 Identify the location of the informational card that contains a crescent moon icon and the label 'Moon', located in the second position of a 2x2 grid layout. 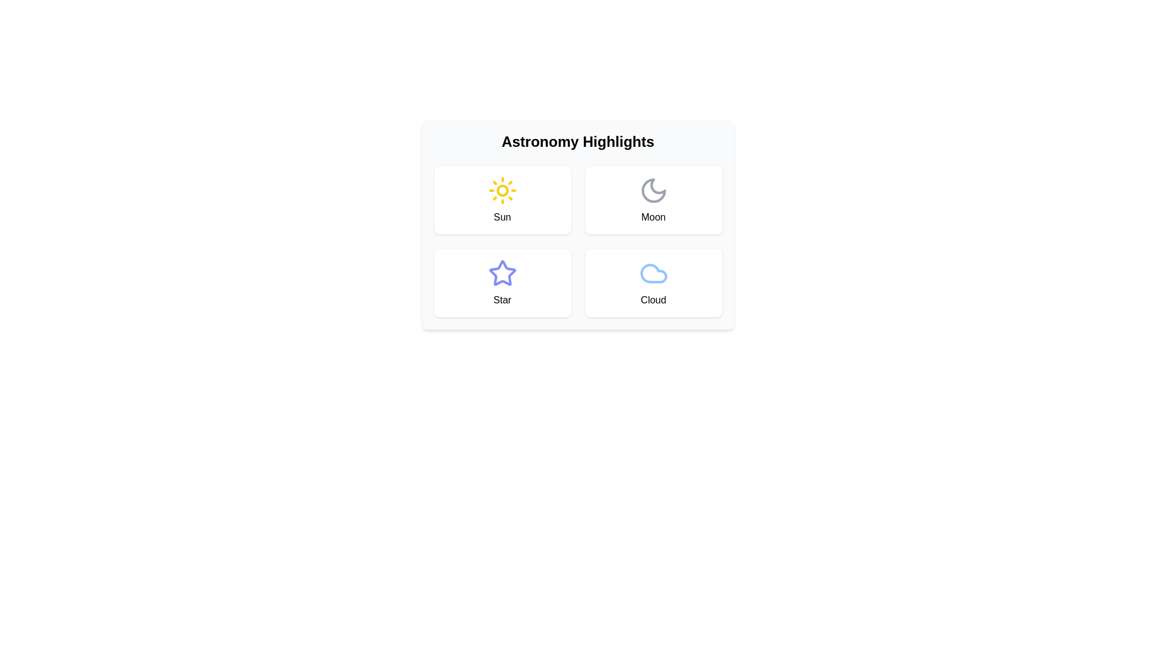
(653, 199).